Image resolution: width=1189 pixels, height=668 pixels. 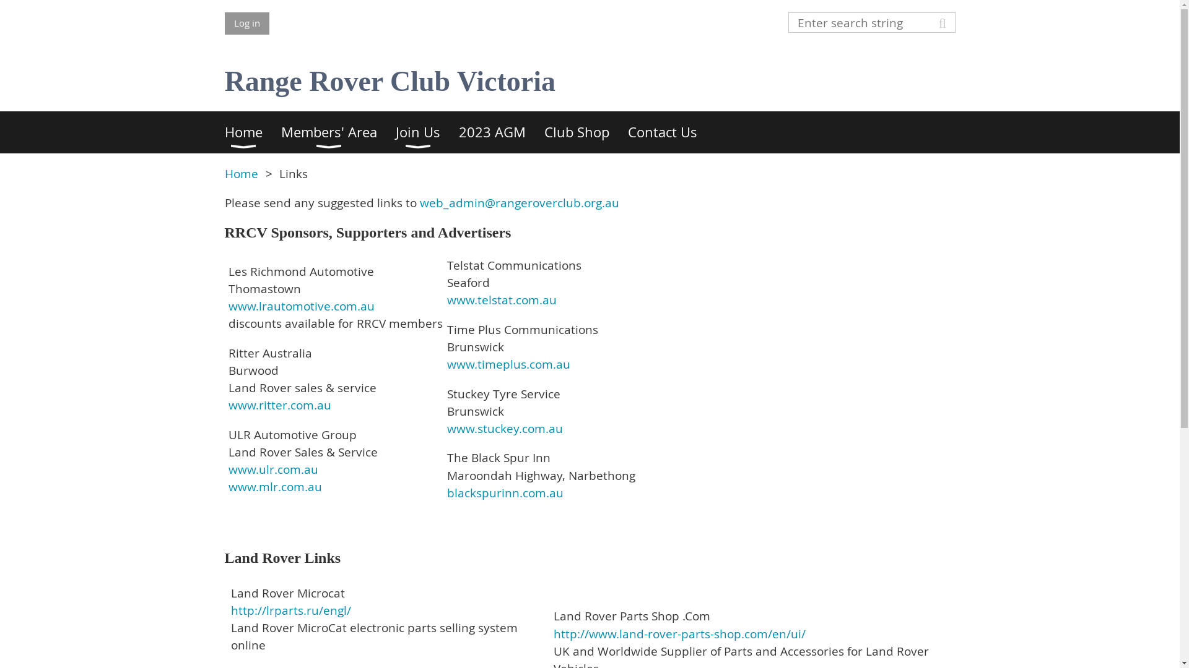 What do you see at coordinates (501, 132) in the screenshot?
I see `'2023 AGM'` at bounding box center [501, 132].